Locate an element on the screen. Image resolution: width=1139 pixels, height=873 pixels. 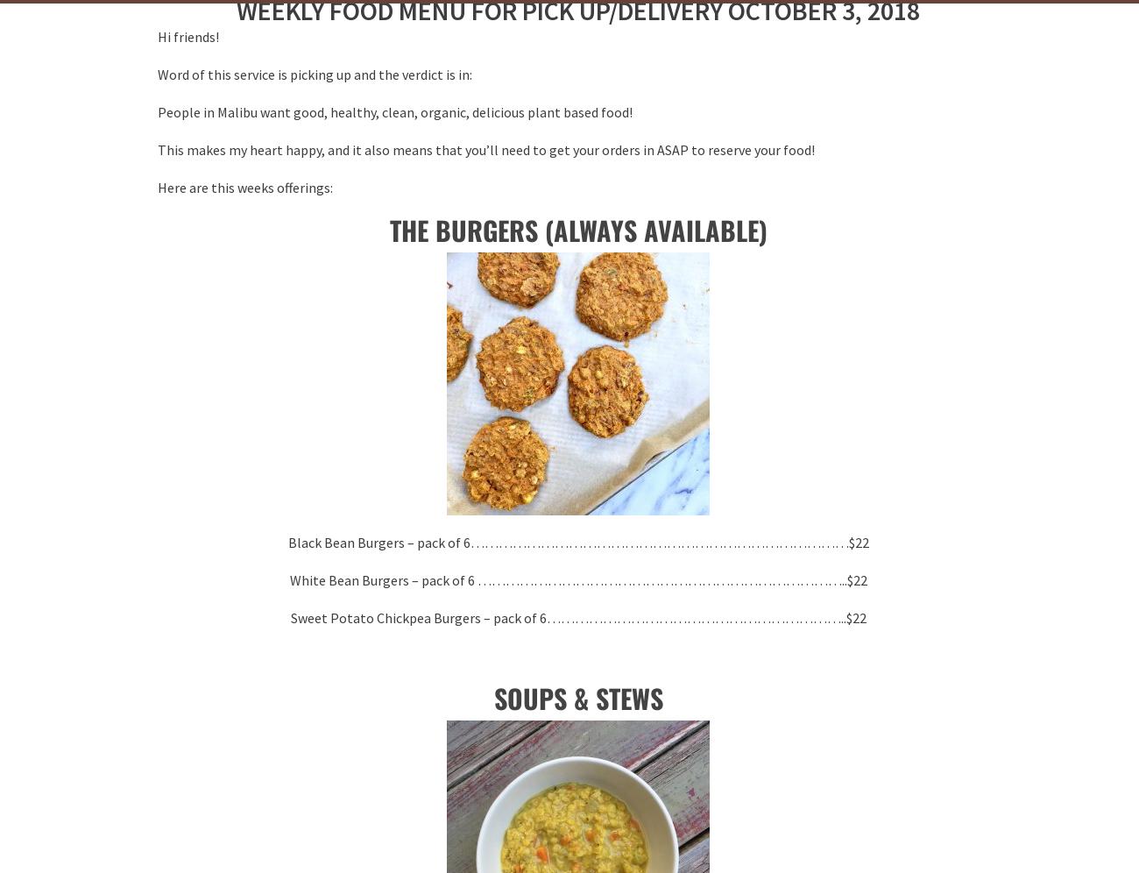
'Black Bean Burgers – pack of 6………………………………………………………………………$22' is located at coordinates (577, 543).